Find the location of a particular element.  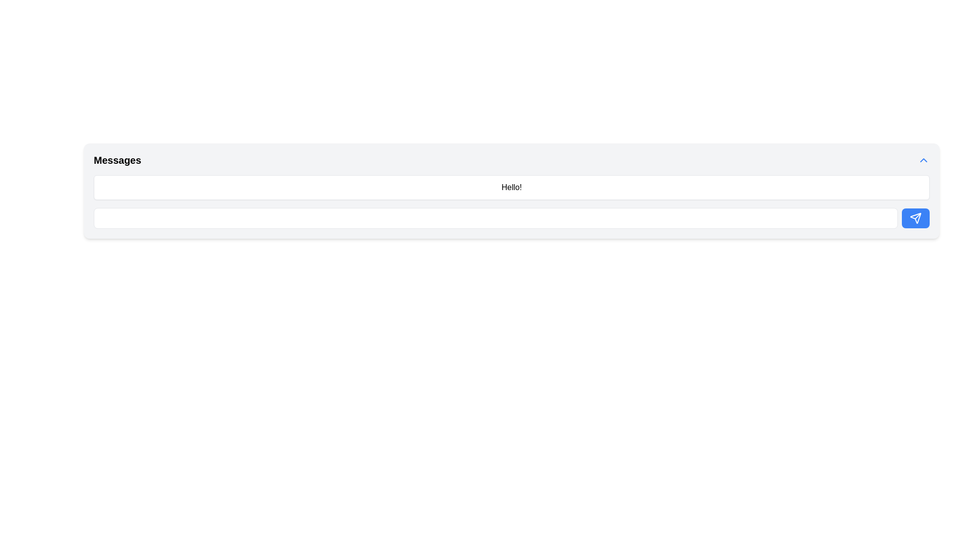

the static text block that displays messages within the messaging interface, located beneath the 'Messages' header is located at coordinates (512, 188).